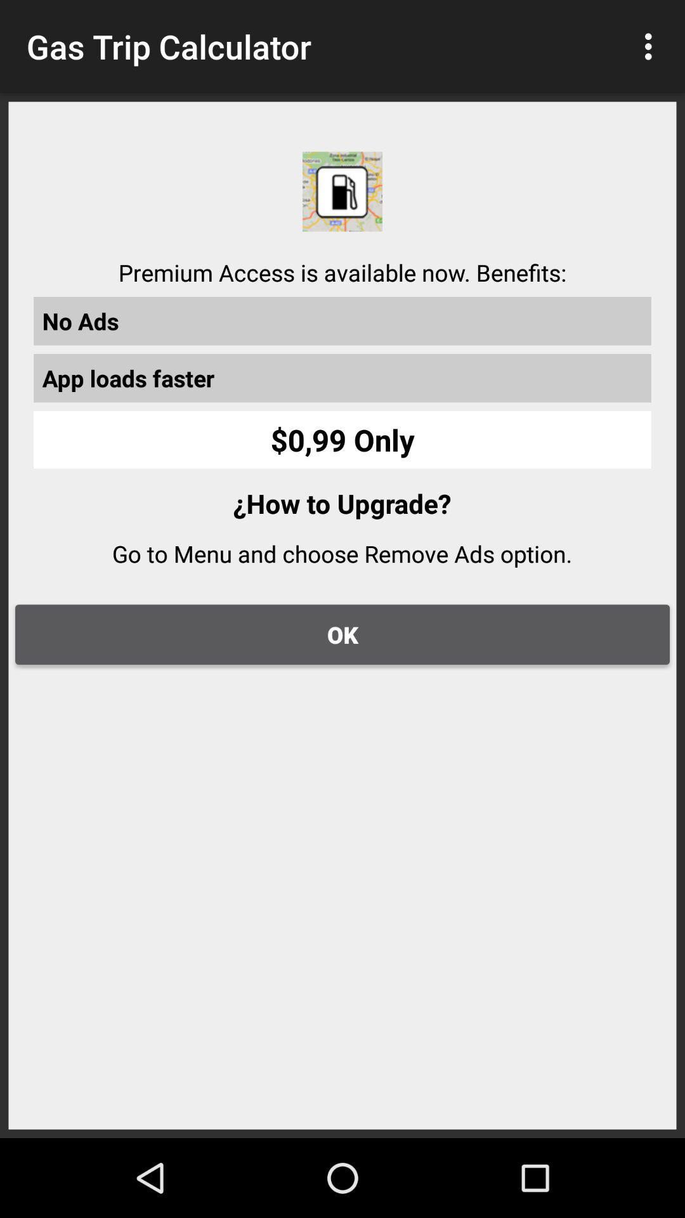  What do you see at coordinates (651, 46) in the screenshot?
I see `the app above the no ads item` at bounding box center [651, 46].